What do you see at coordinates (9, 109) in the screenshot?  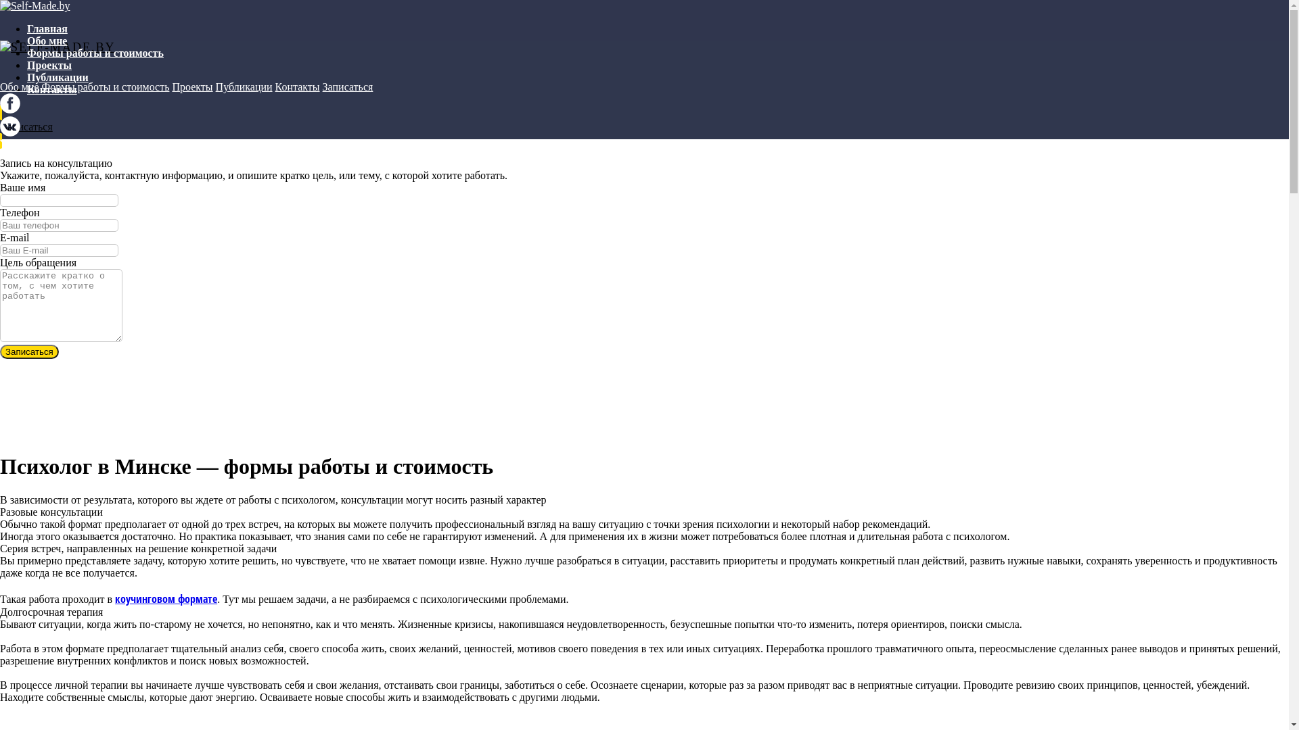 I see `'Facebook'` at bounding box center [9, 109].